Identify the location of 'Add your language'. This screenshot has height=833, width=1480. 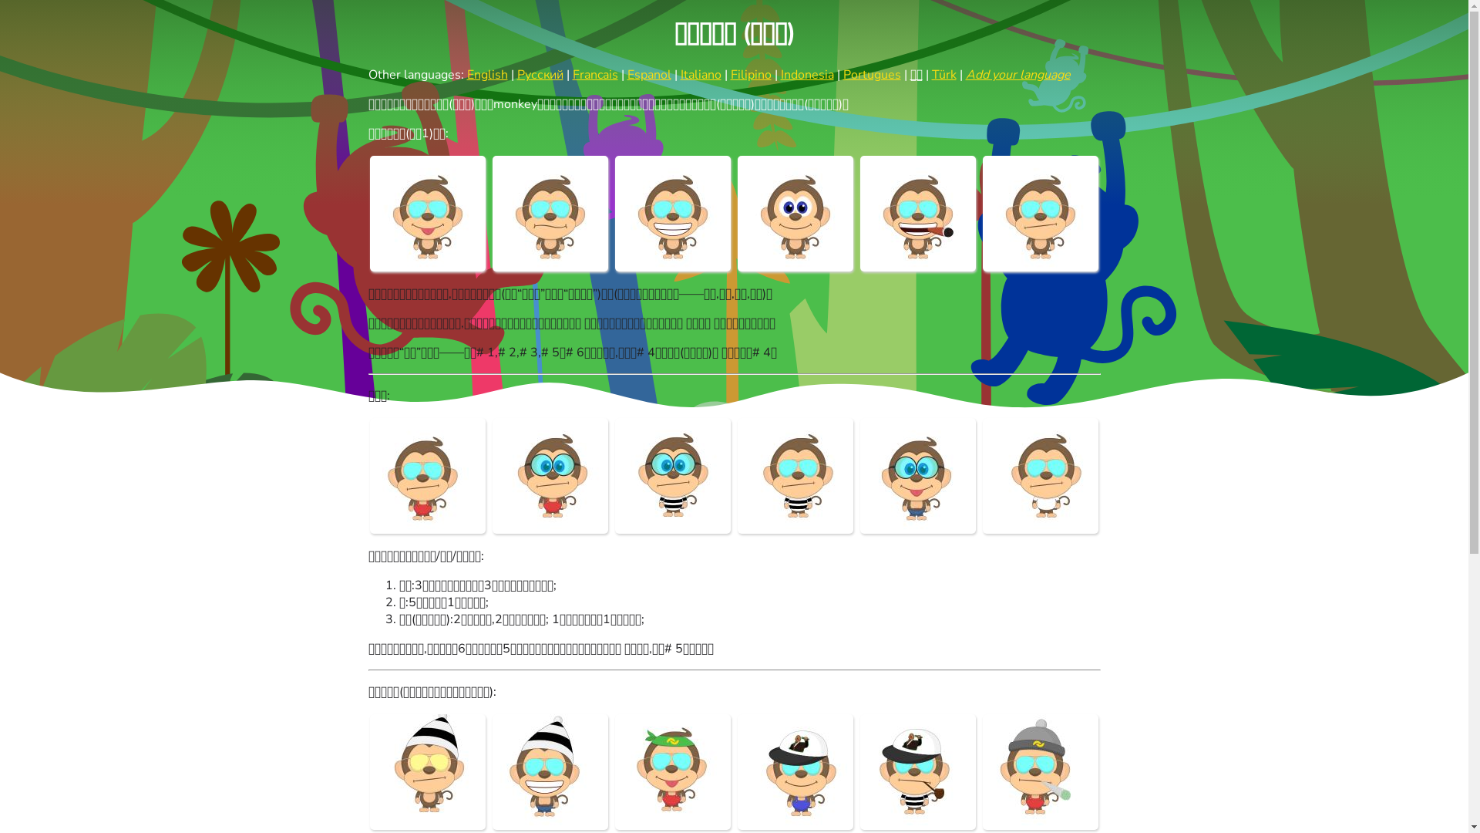
(1017, 74).